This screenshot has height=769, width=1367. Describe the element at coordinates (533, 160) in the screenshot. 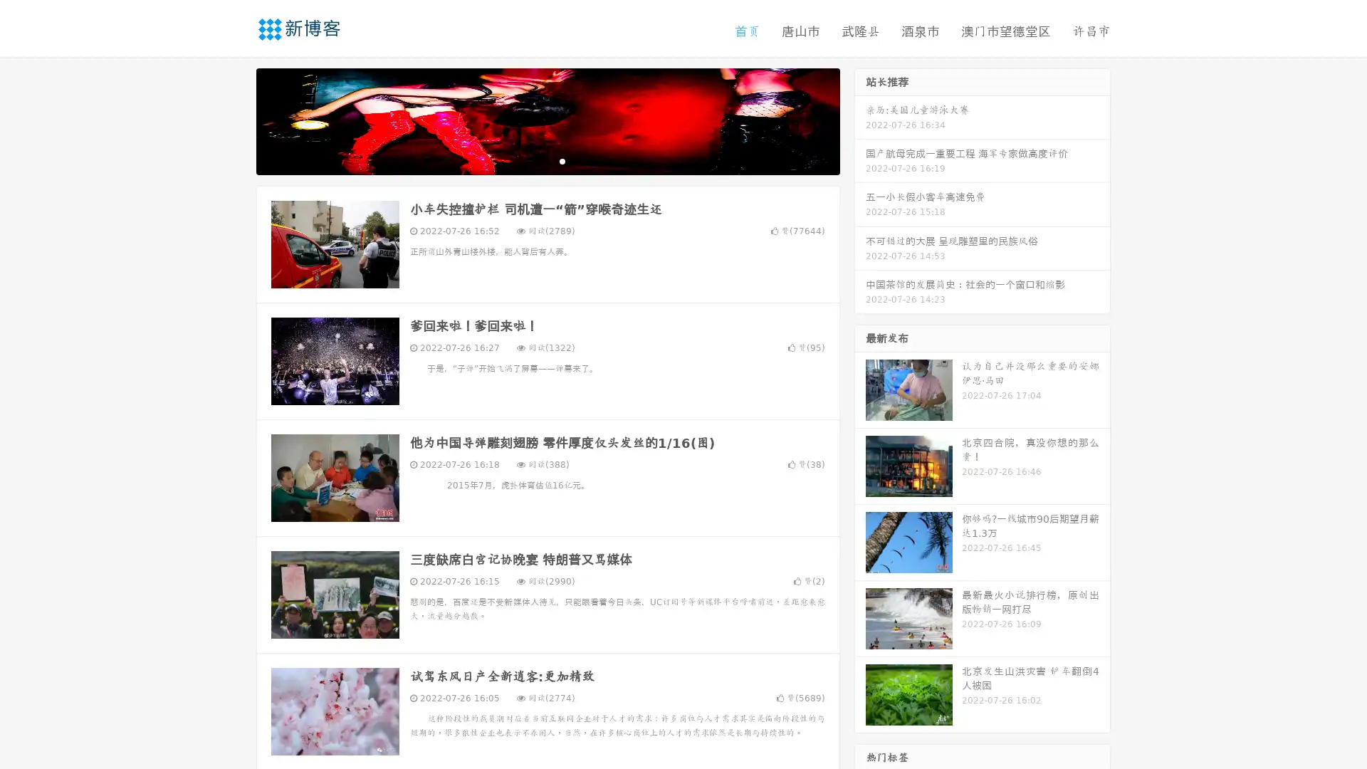

I see `Go to slide 1` at that location.